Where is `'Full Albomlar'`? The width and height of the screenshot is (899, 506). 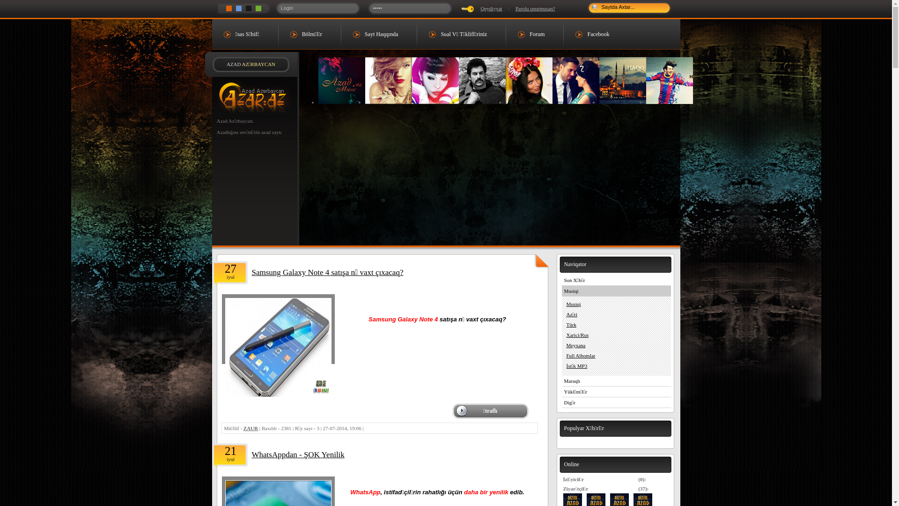 'Full Albomlar' is located at coordinates (563, 356).